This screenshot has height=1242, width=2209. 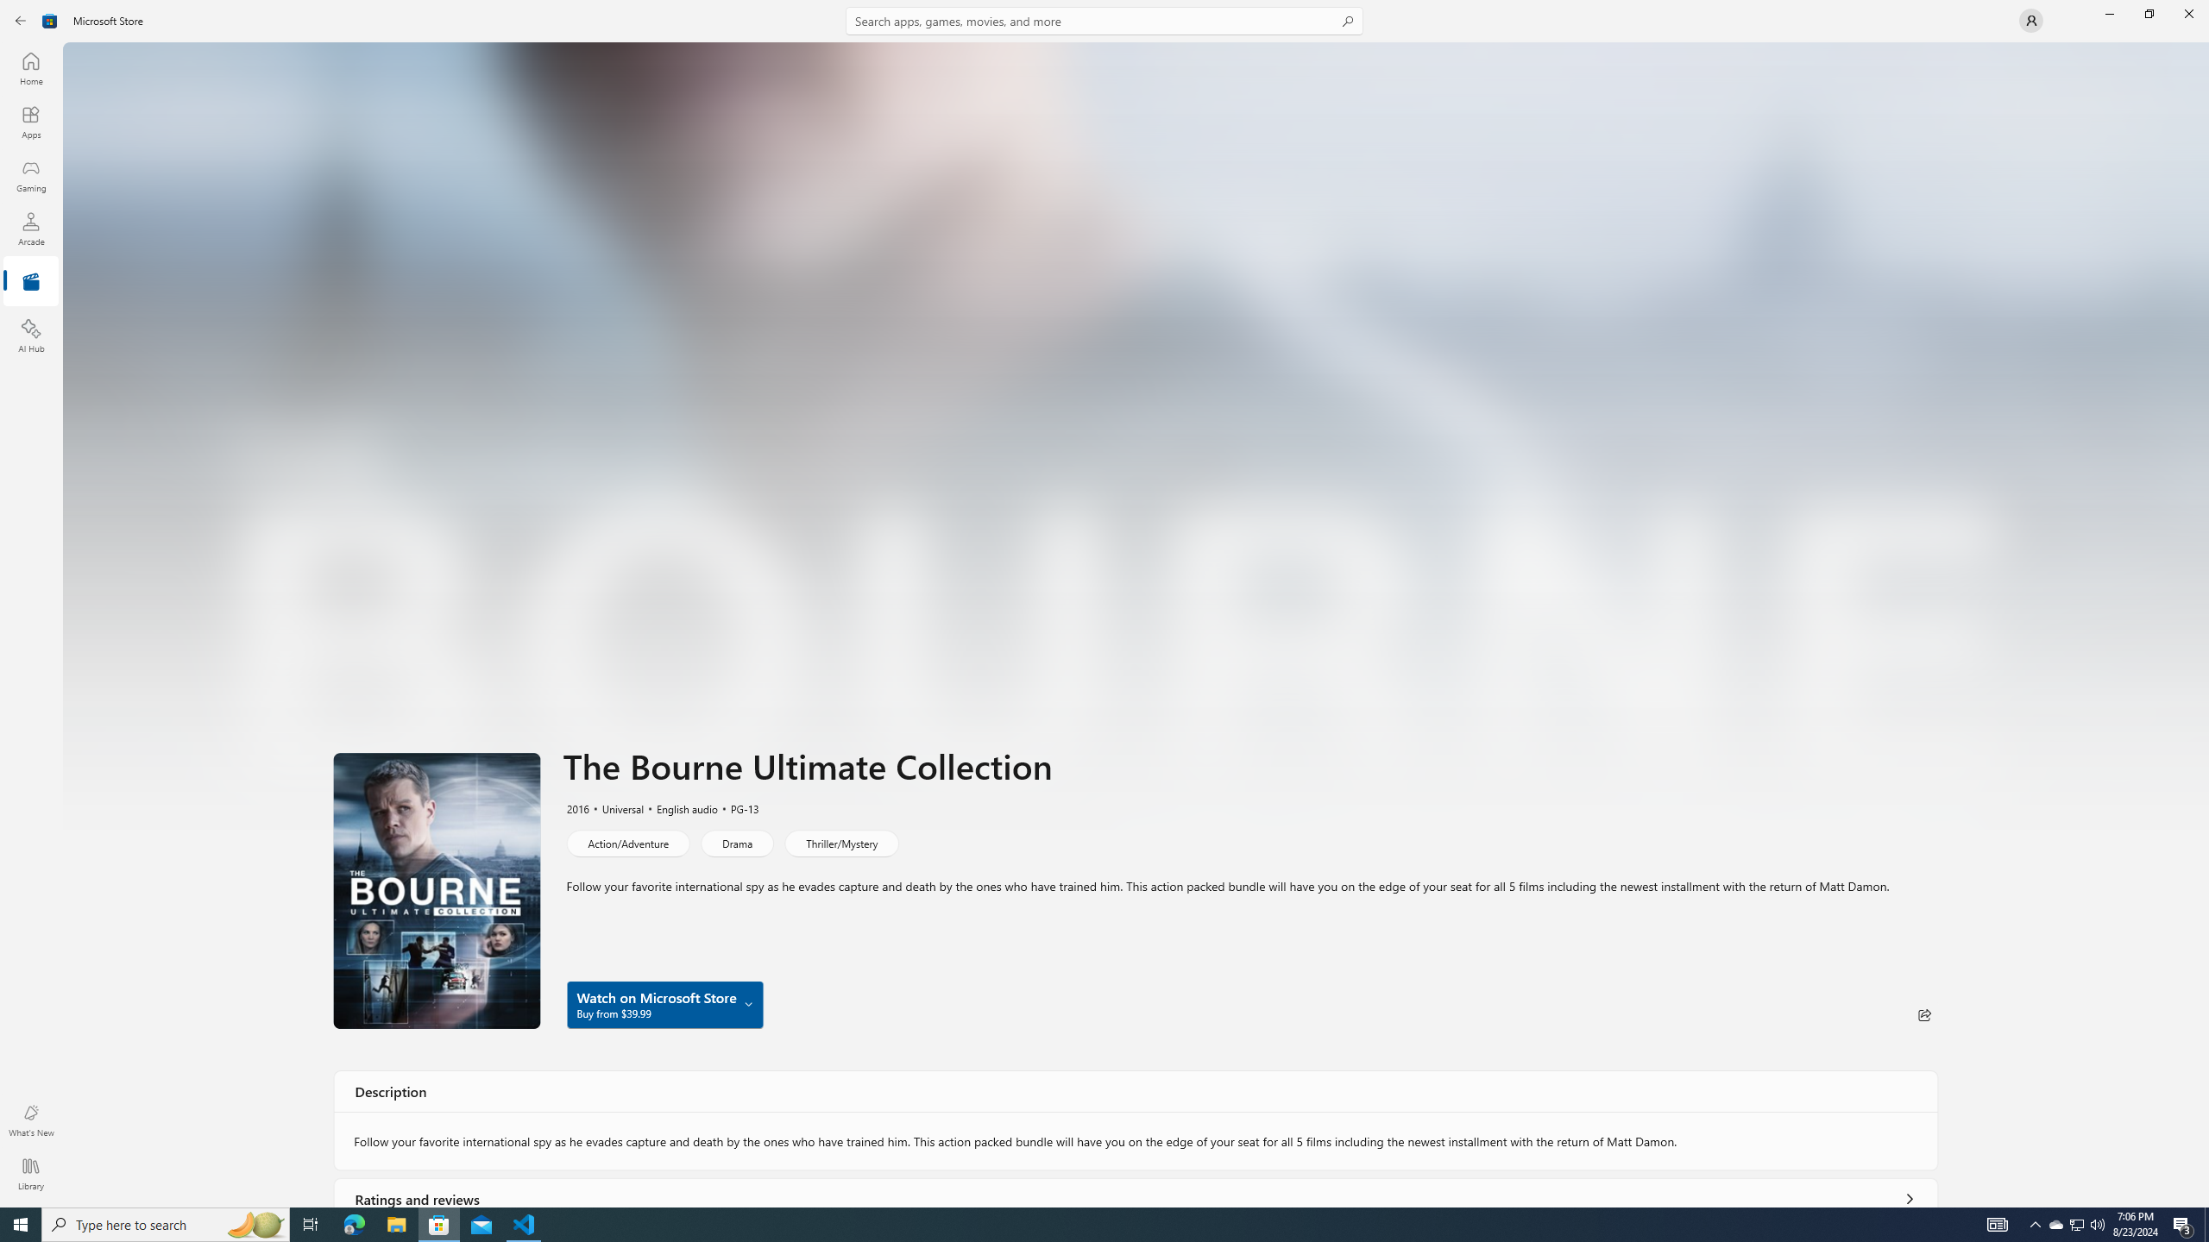 I want to click on 'Arcade', so click(x=29, y=228).